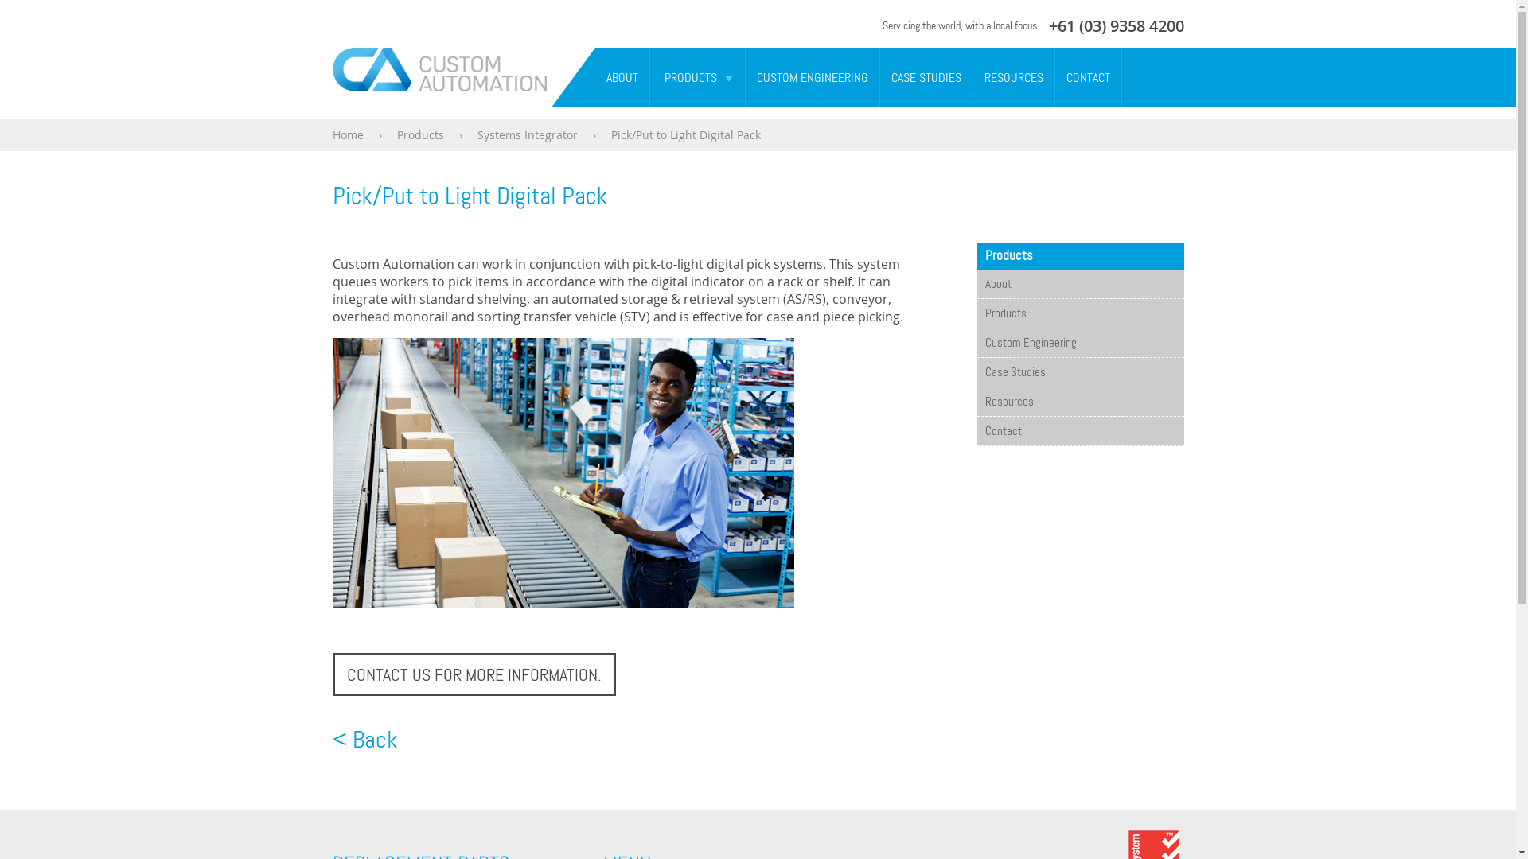  What do you see at coordinates (1080, 283) in the screenshot?
I see `'About'` at bounding box center [1080, 283].